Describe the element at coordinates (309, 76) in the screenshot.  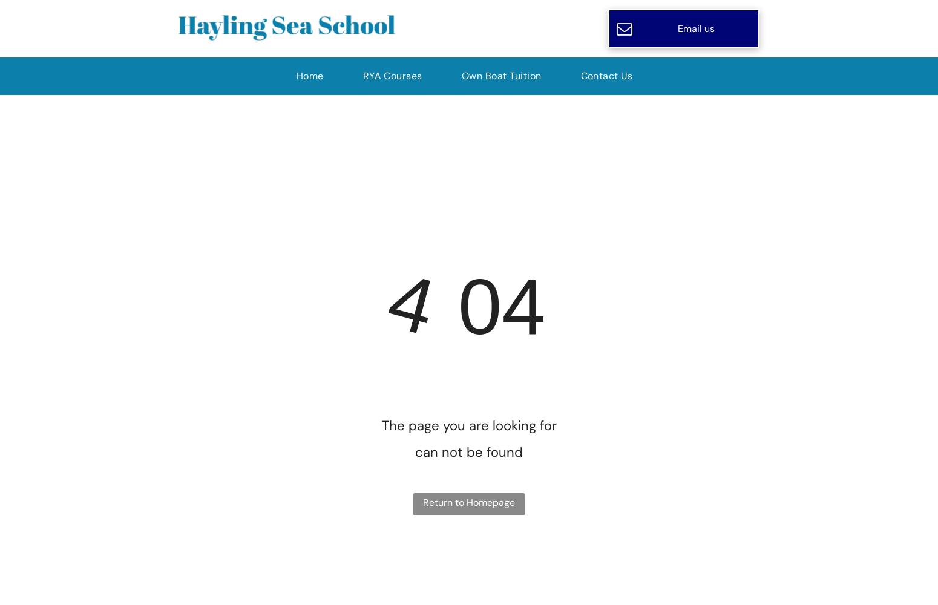
I see `'Home'` at that location.